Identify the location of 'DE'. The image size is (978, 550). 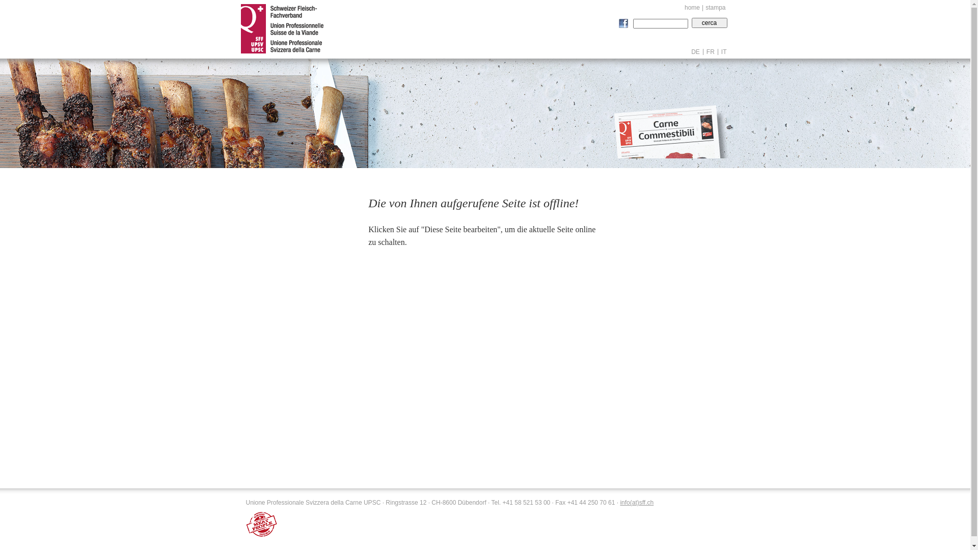
(695, 51).